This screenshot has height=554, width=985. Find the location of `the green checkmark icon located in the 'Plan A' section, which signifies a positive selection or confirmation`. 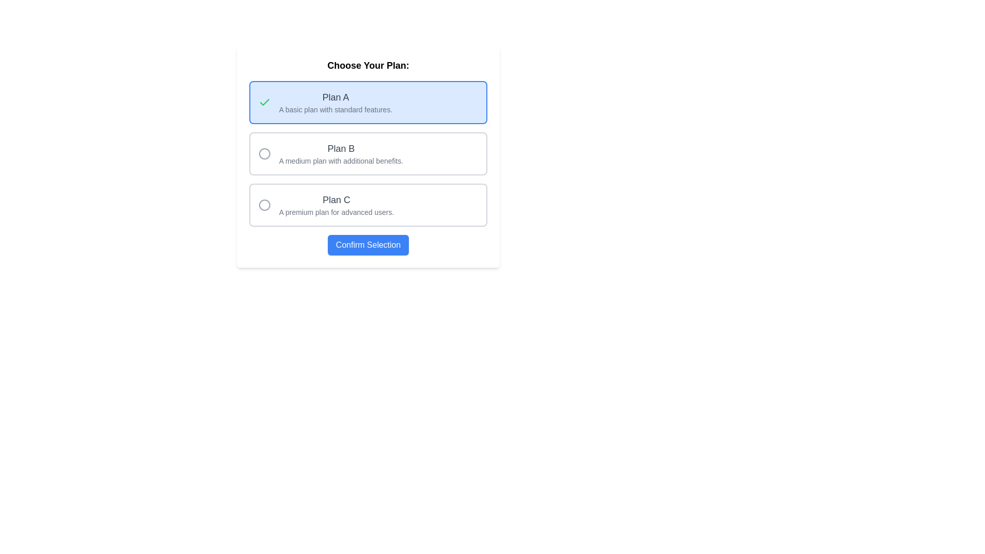

the green checkmark icon located in the 'Plan A' section, which signifies a positive selection or confirmation is located at coordinates (264, 103).